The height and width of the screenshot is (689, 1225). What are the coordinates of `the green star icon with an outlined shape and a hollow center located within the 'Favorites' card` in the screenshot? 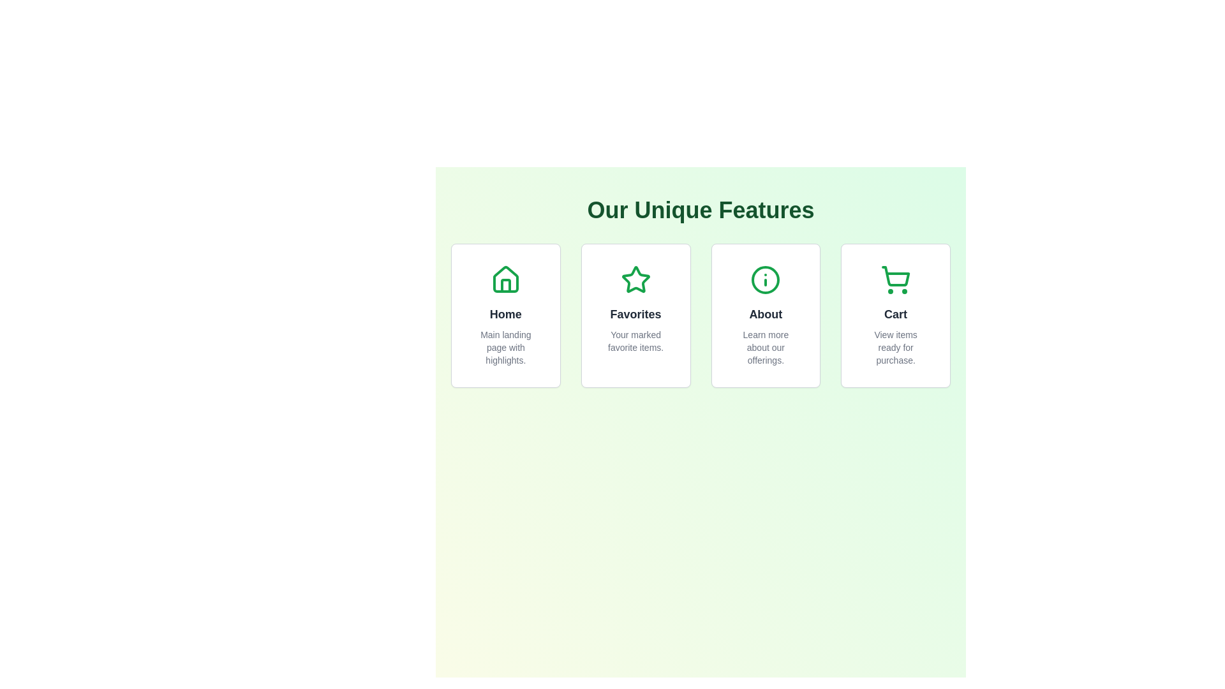 It's located at (635, 279).